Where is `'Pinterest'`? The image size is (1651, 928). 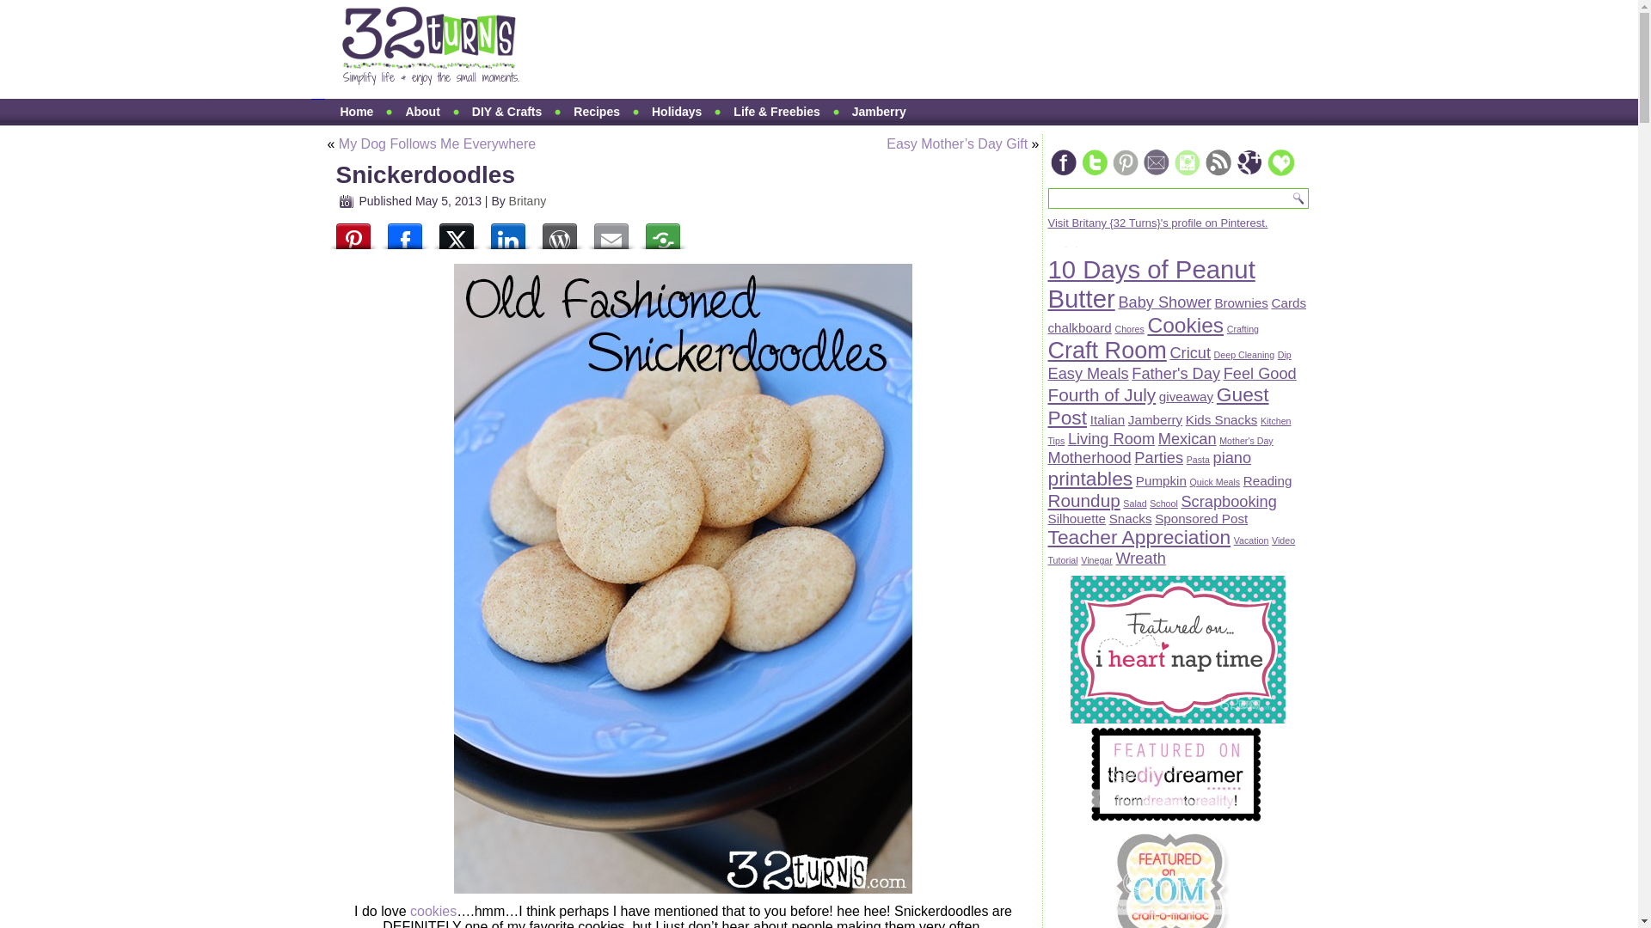 'Pinterest' is located at coordinates (326, 232).